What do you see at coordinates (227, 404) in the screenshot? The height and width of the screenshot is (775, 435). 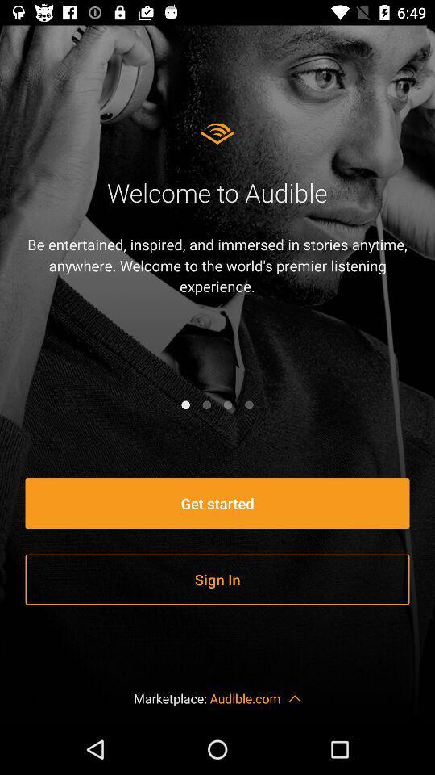 I see `slide` at bounding box center [227, 404].